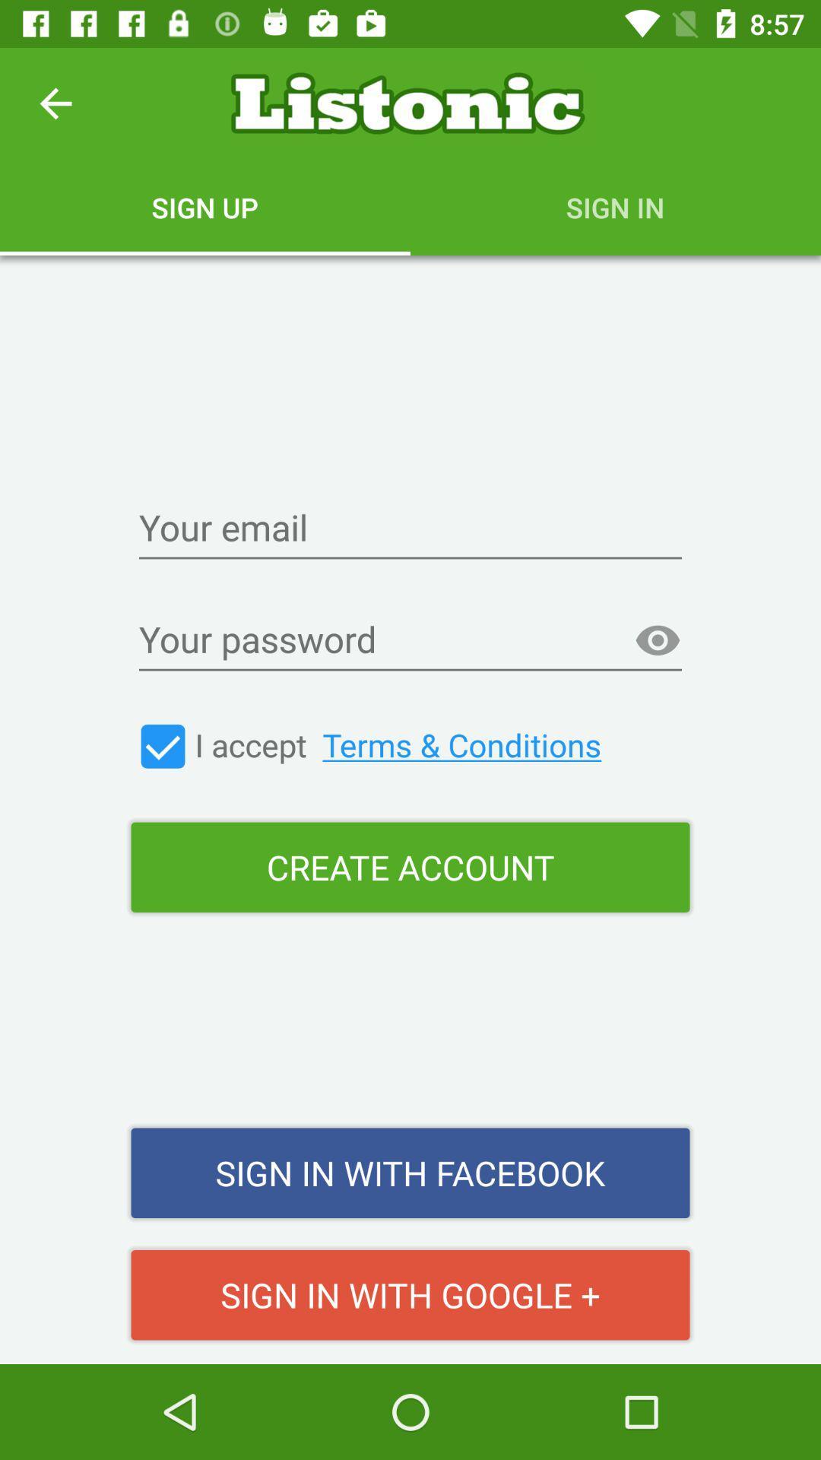  What do you see at coordinates (410, 867) in the screenshot?
I see `create account icon` at bounding box center [410, 867].